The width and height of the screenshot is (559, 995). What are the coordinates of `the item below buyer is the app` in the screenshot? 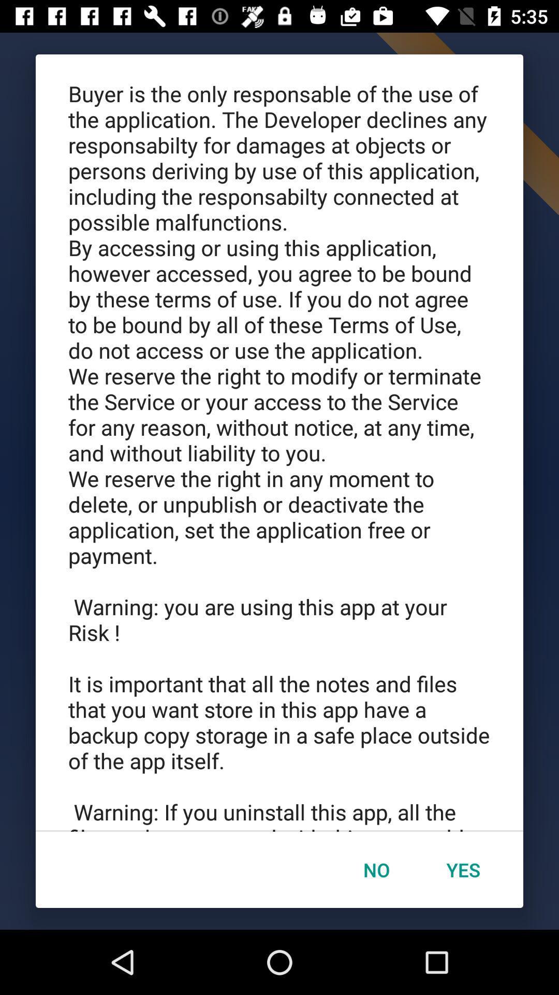 It's located at (376, 870).